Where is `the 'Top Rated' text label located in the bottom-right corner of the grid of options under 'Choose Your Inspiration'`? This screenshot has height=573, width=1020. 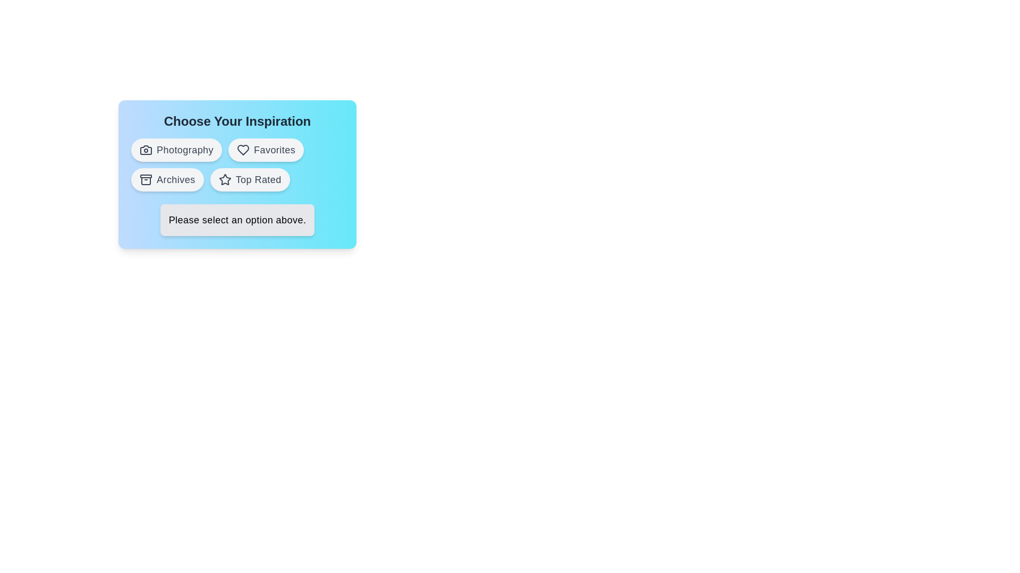
the 'Top Rated' text label located in the bottom-right corner of the grid of options under 'Choose Your Inspiration' is located at coordinates (258, 179).